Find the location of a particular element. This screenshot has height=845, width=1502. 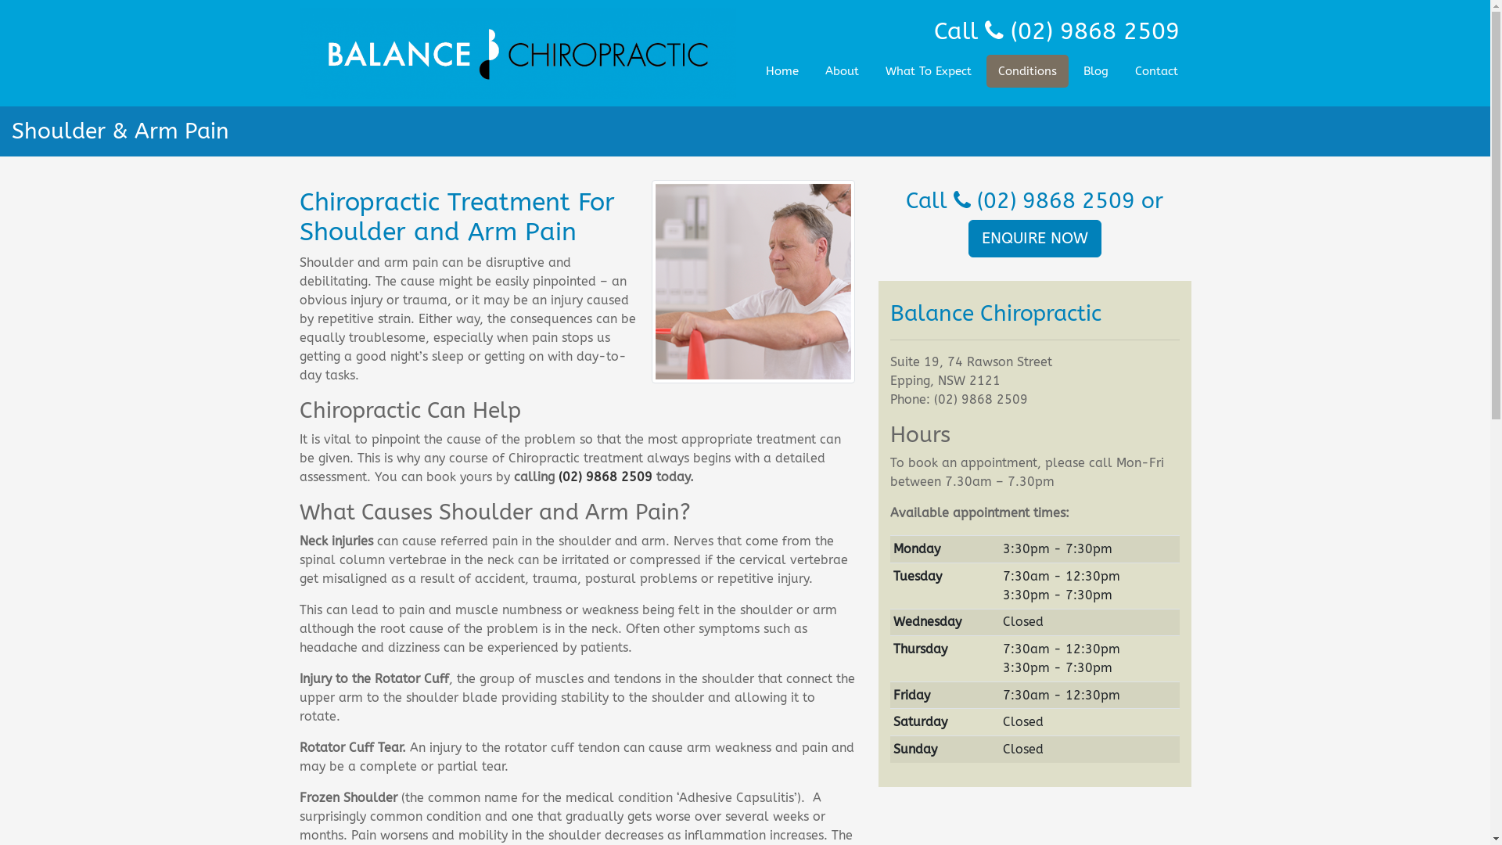

'ENQUIRE NOW' is located at coordinates (1035, 238).